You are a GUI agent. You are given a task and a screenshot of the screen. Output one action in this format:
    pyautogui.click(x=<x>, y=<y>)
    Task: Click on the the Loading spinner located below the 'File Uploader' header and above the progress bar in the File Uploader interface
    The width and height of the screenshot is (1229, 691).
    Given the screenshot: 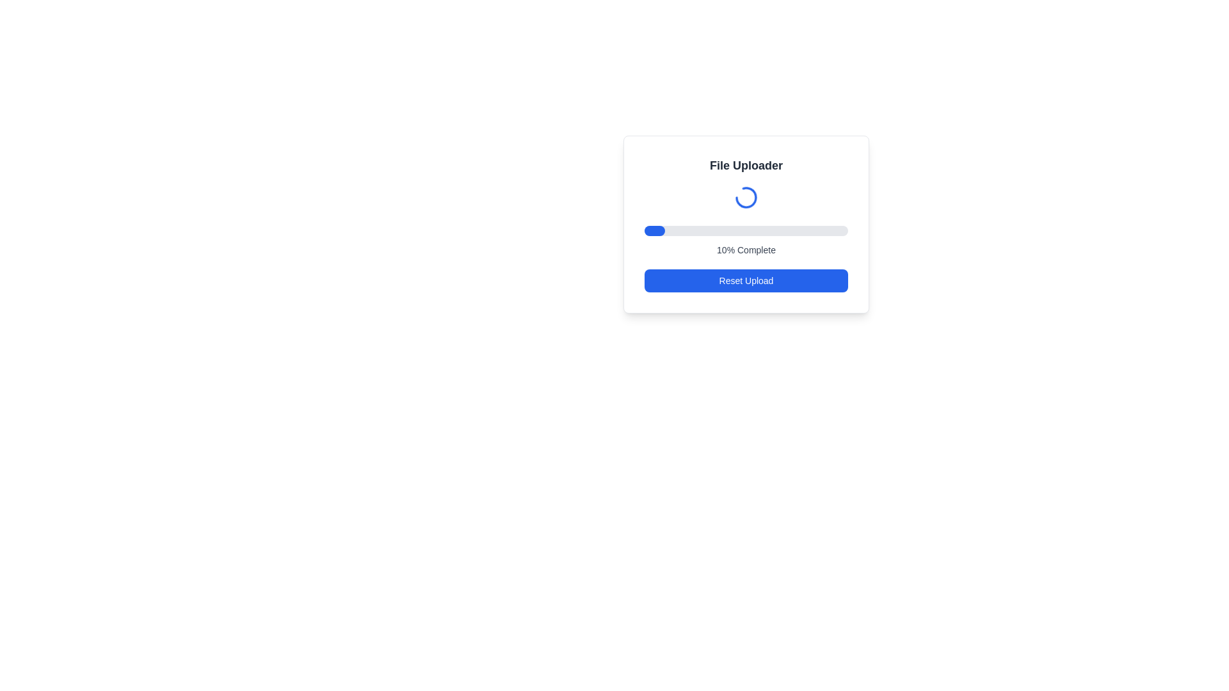 What is the action you would take?
    pyautogui.click(x=746, y=197)
    